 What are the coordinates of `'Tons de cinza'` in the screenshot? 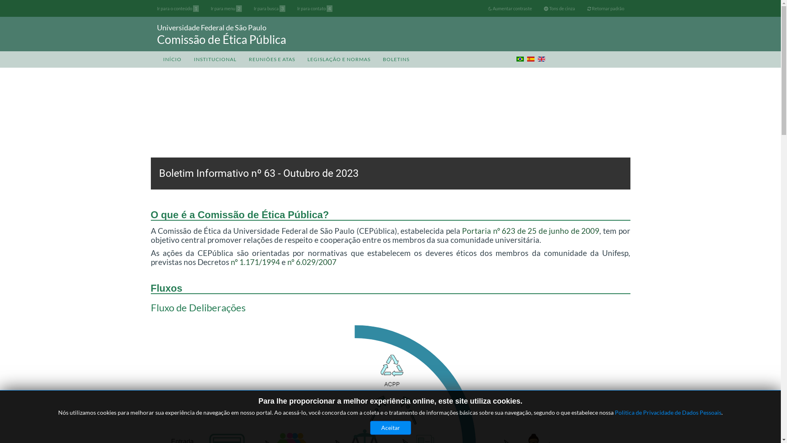 It's located at (559, 8).